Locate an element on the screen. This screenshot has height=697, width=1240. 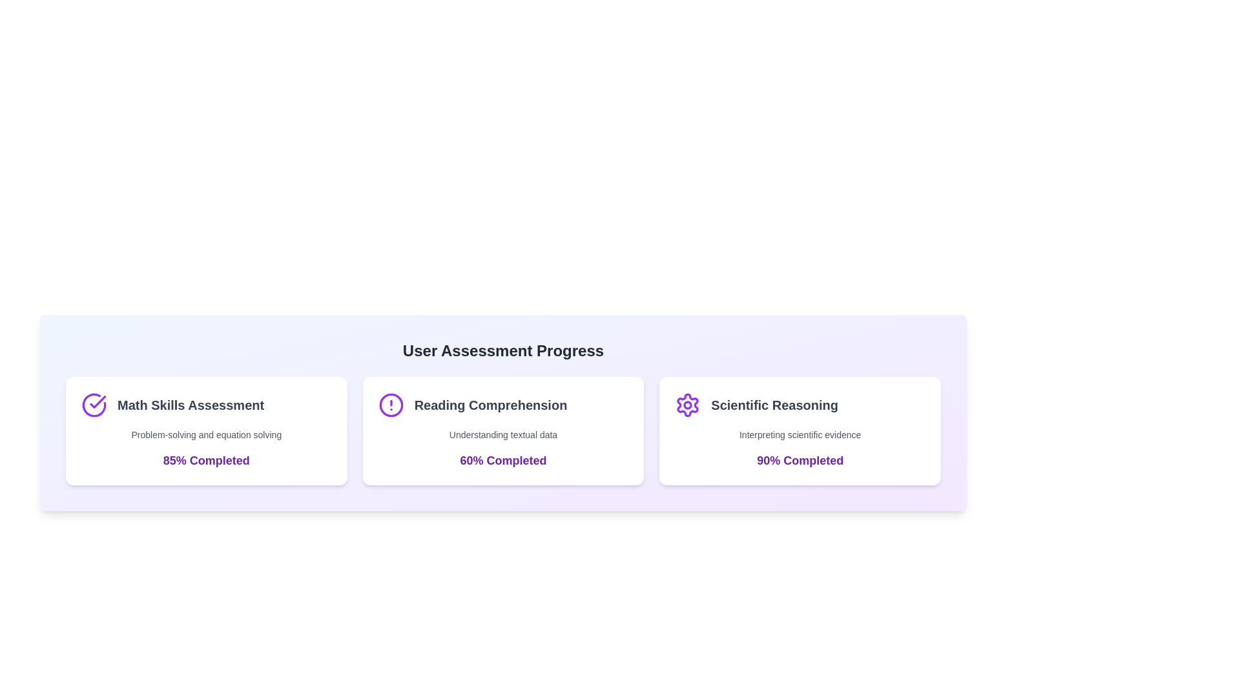
the bold, large purple text displaying '90% Completed' that is centrally aligned in the bottom section of the 'Scientific Reasoning' card is located at coordinates (800, 460).